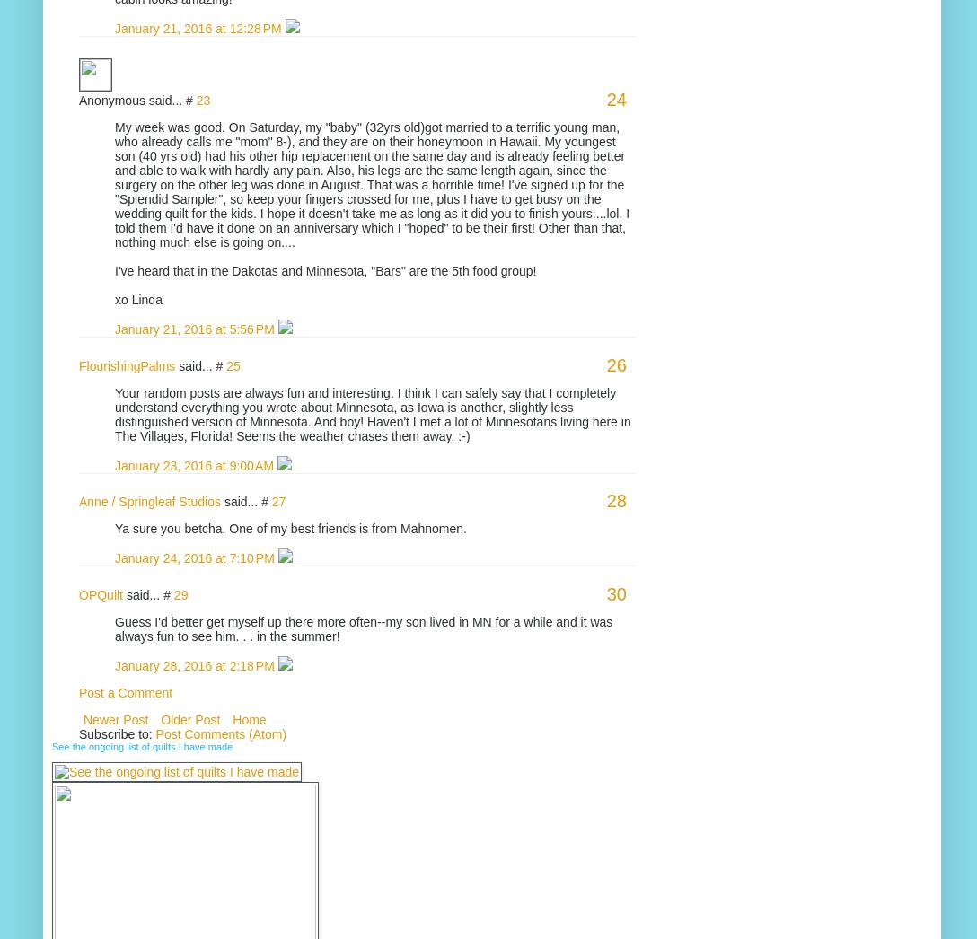 The height and width of the screenshot is (939, 977). I want to click on 'January 23, 2016 at 9:00 AM', so click(195, 464).